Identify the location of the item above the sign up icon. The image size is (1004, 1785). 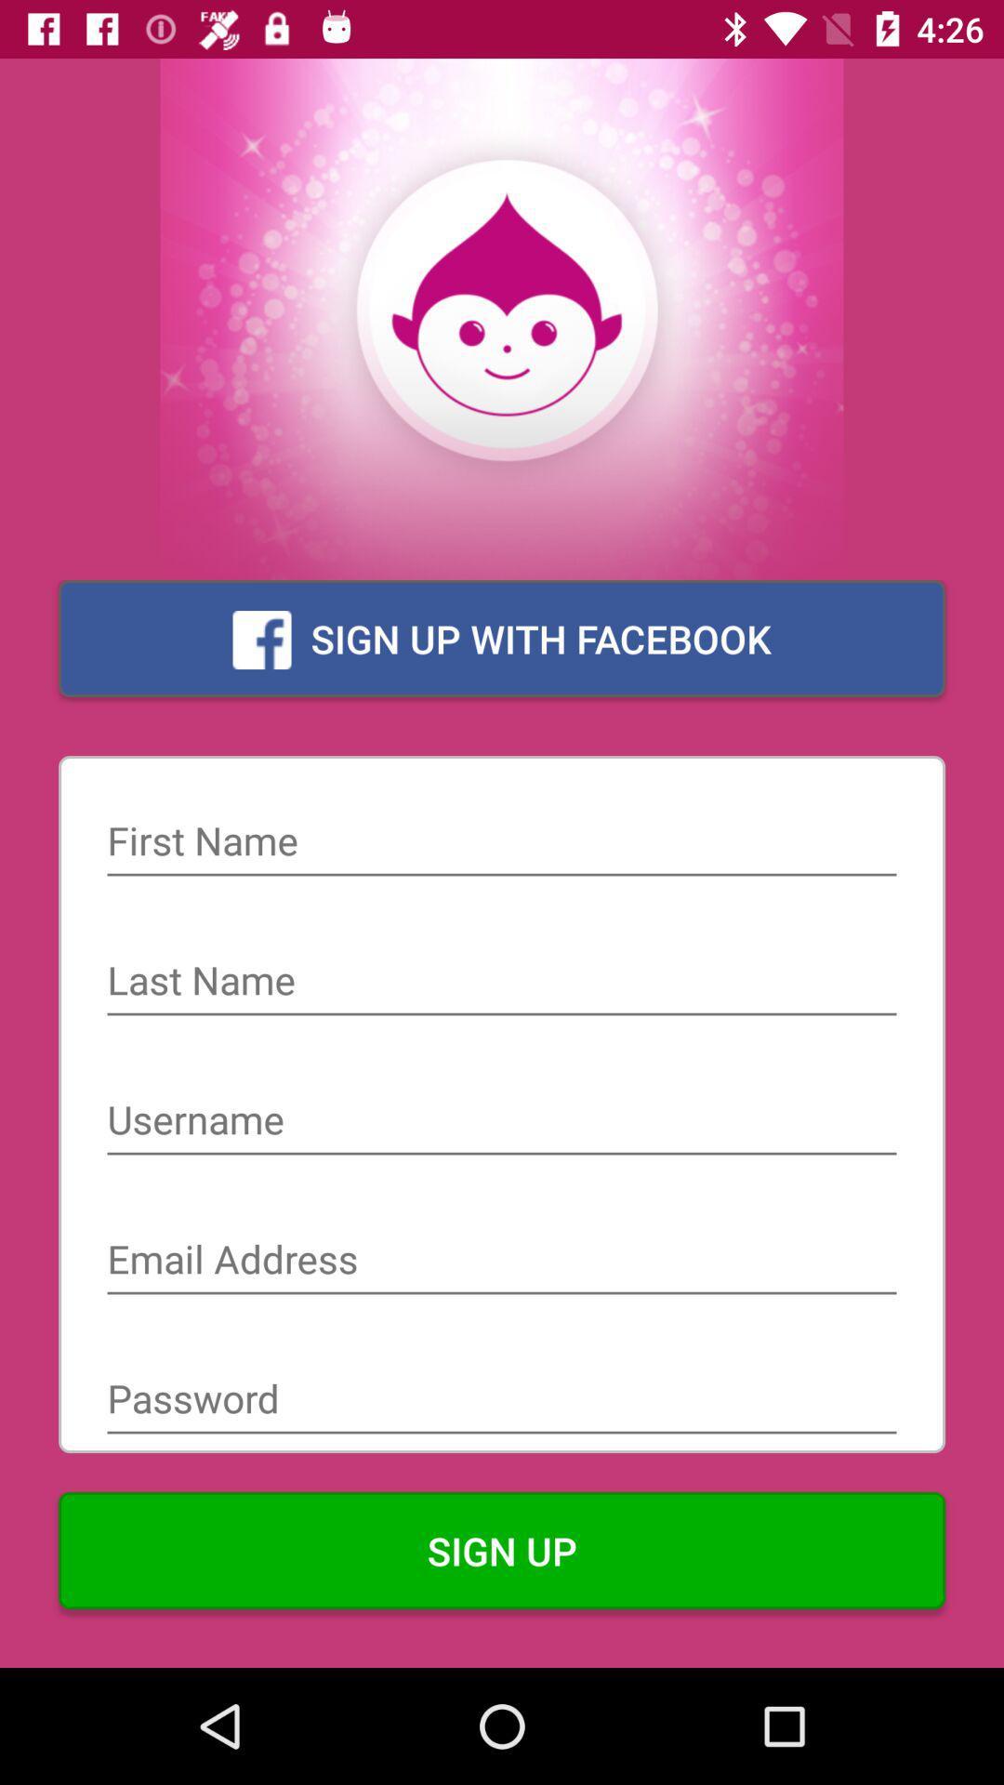
(502, 1401).